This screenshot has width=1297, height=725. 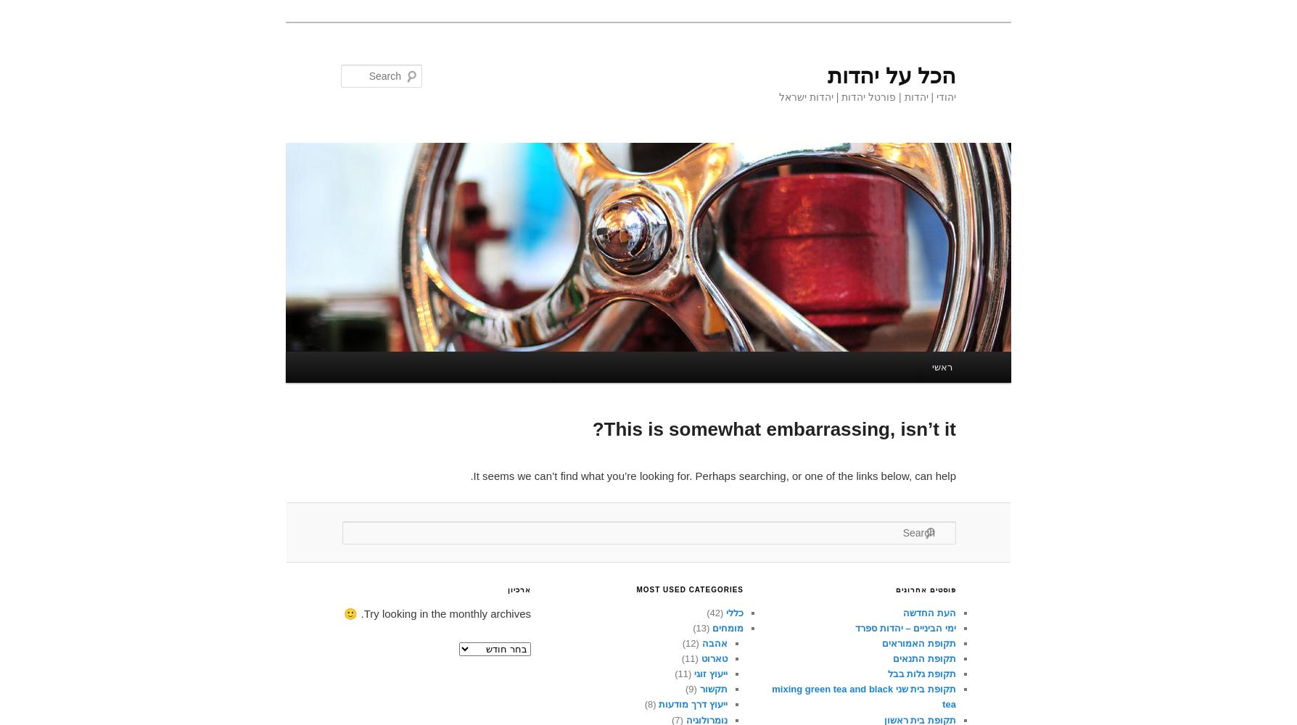 I want to click on '(42)', so click(x=716, y=611).